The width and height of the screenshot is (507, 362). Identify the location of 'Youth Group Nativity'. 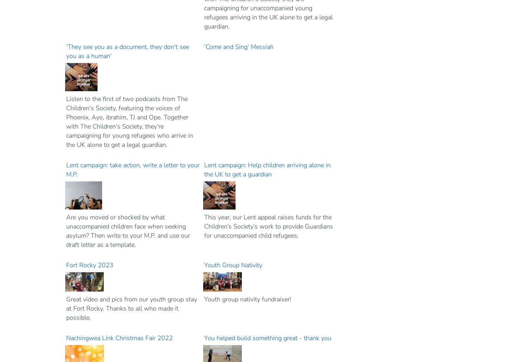
(233, 265).